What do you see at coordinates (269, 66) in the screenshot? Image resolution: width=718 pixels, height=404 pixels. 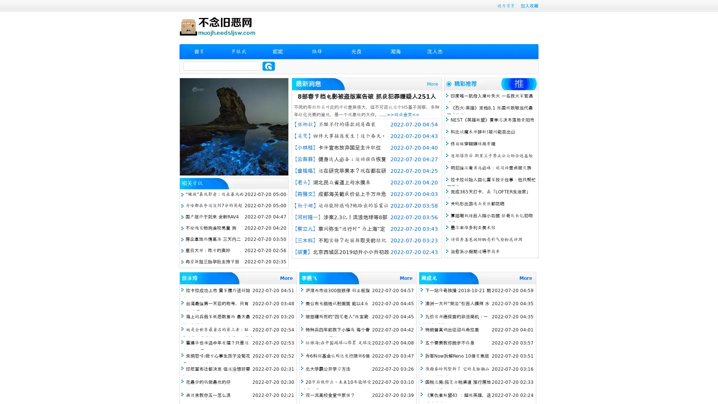 I see `Search` at bounding box center [269, 66].